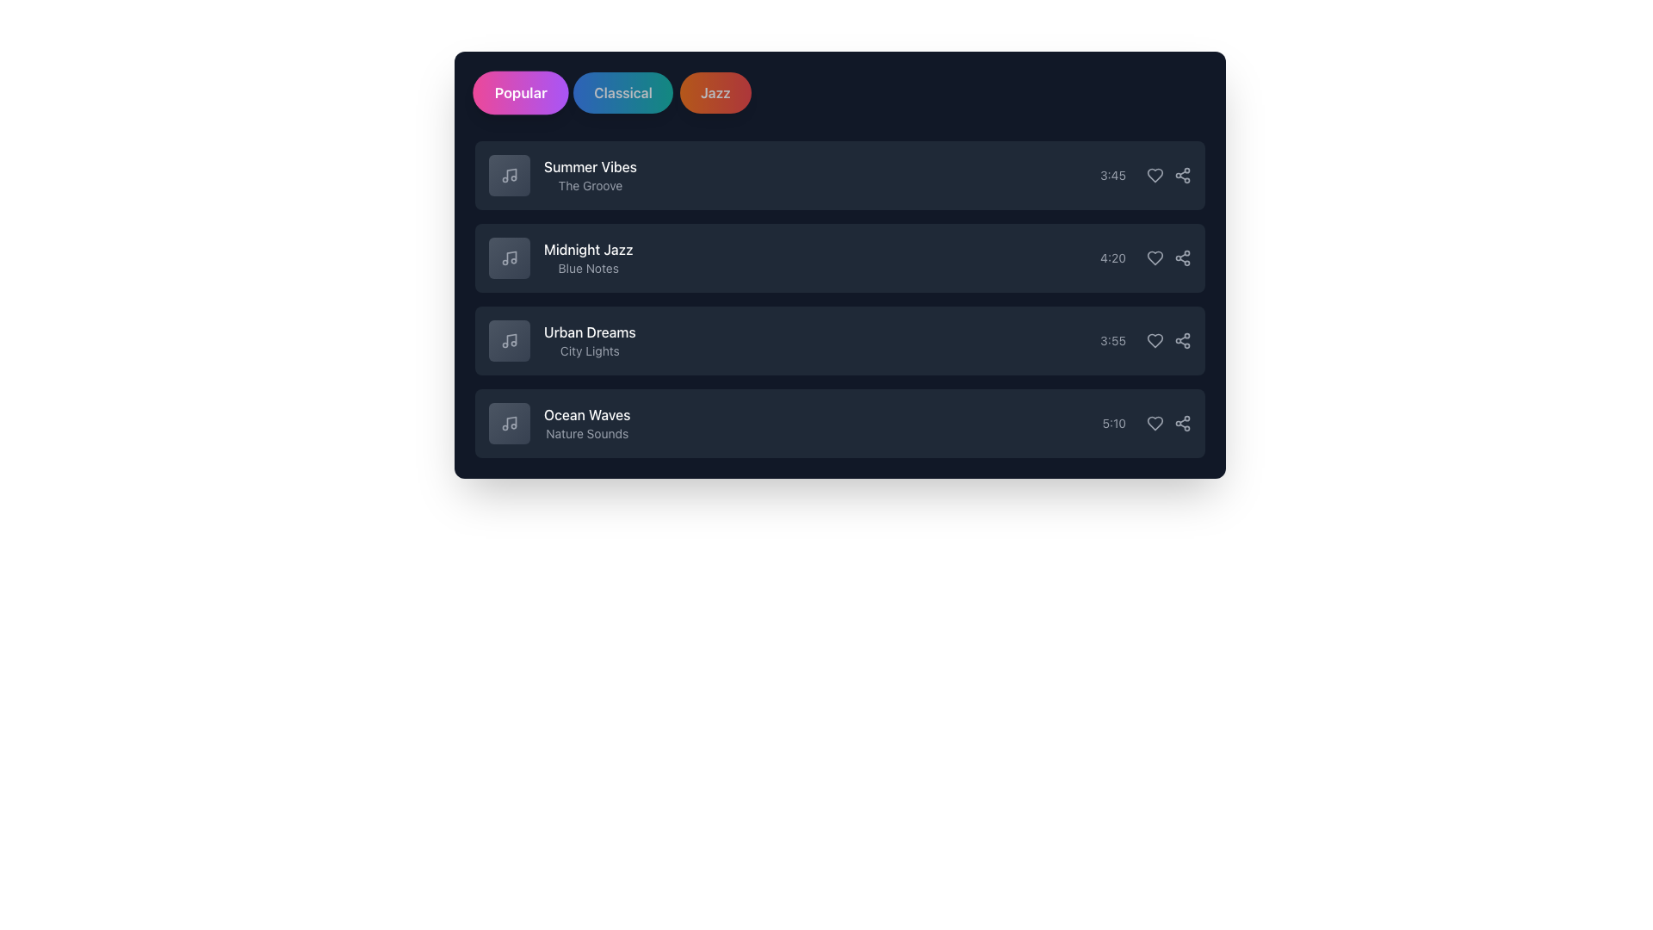 Image resolution: width=1653 pixels, height=930 pixels. Describe the element at coordinates (590, 341) in the screenshot. I see `the text display for 'Urban Dreams' which is the third item in the vertical list of entries` at that location.